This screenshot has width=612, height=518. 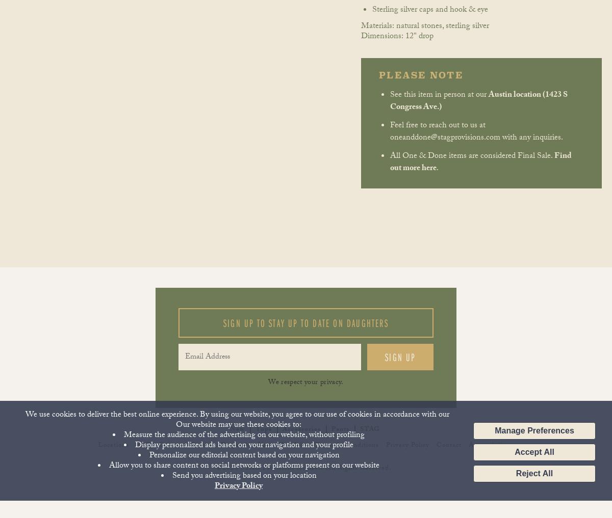 What do you see at coordinates (279, 11) in the screenshot?
I see `'Enter your debit or credit card information'` at bounding box center [279, 11].